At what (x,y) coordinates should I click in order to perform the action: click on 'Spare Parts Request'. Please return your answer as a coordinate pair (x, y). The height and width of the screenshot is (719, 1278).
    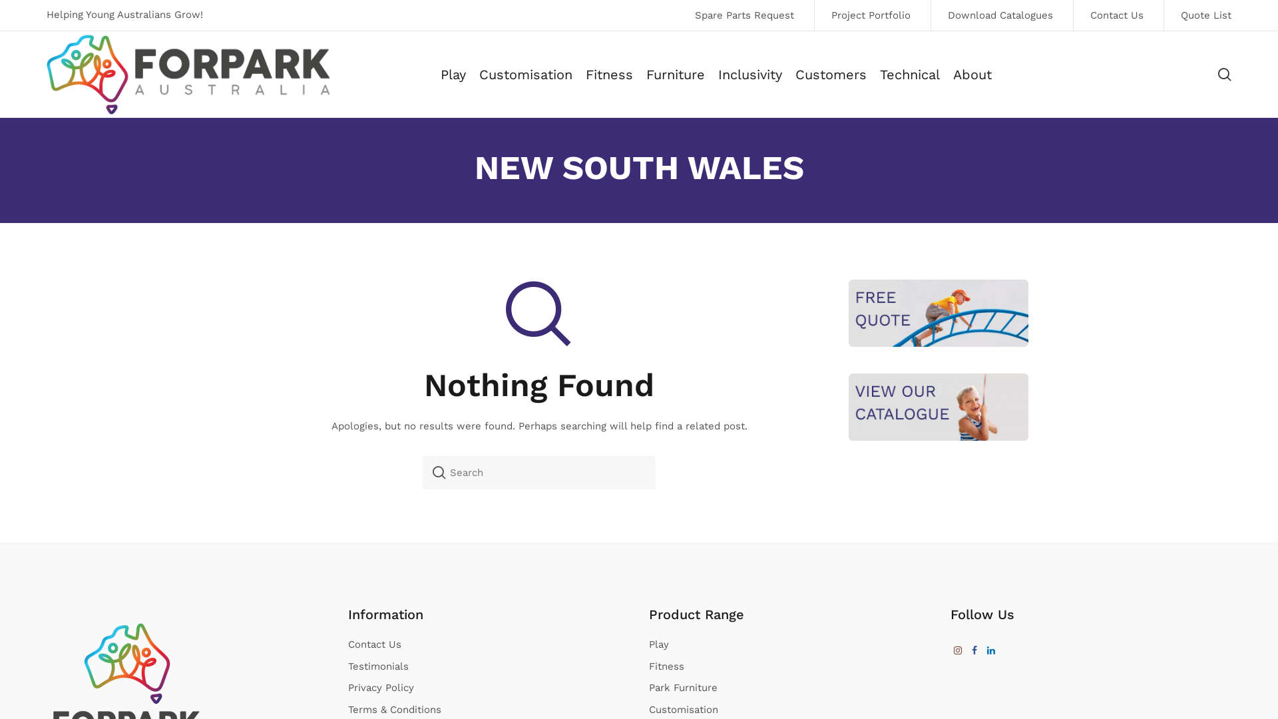
    Looking at the image, I should click on (744, 15).